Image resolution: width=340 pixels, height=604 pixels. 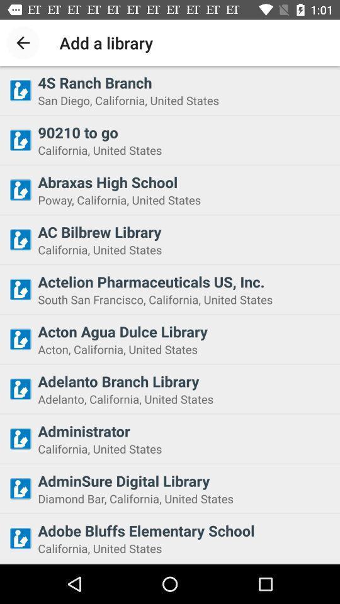 I want to click on the actelion pharmaceuticals us, so click(x=184, y=281).